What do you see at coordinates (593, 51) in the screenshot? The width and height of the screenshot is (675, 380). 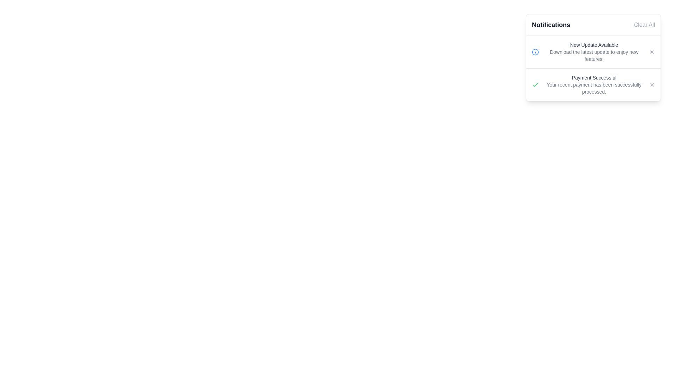 I see `the Text block displaying update notification details to trigger tooltip or other effects` at bounding box center [593, 51].